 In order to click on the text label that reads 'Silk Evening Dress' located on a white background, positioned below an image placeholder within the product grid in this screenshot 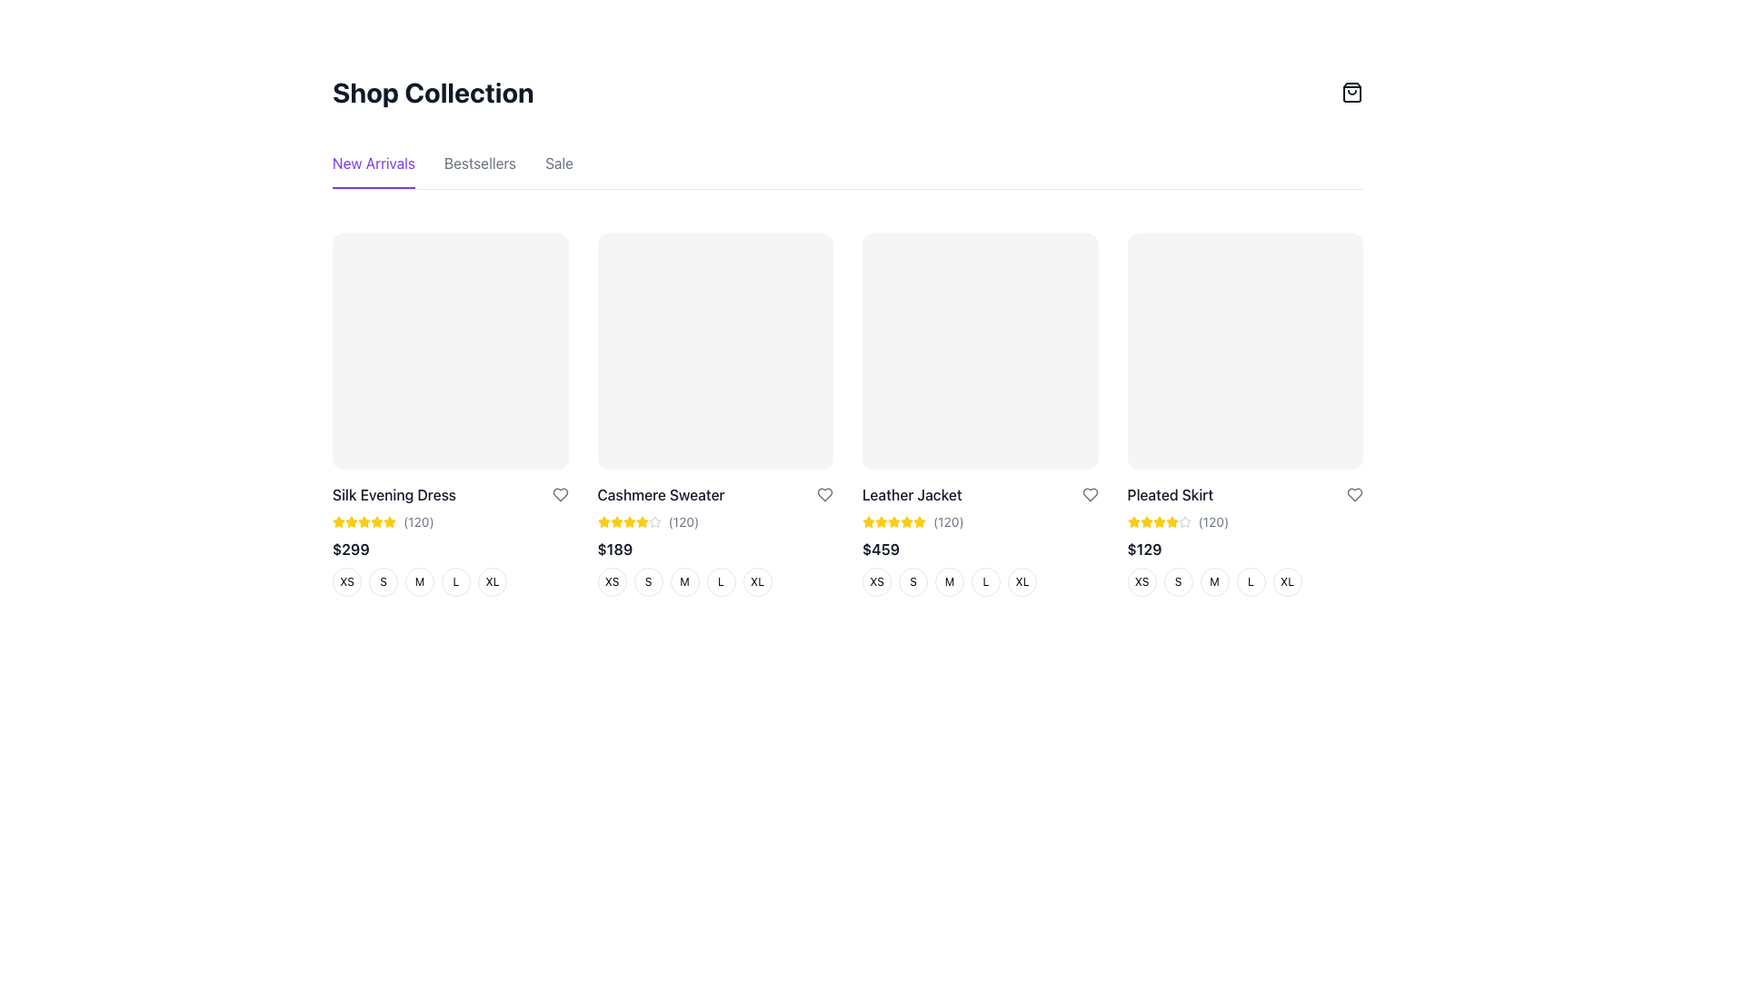, I will do `click(393, 494)`.